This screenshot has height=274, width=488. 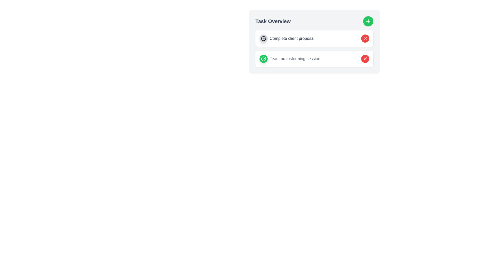 What do you see at coordinates (314, 21) in the screenshot?
I see `the section header labeled 'Task Overview' located at the top of the panel, which includes a bold text label on the left and a green add button on the right` at bounding box center [314, 21].